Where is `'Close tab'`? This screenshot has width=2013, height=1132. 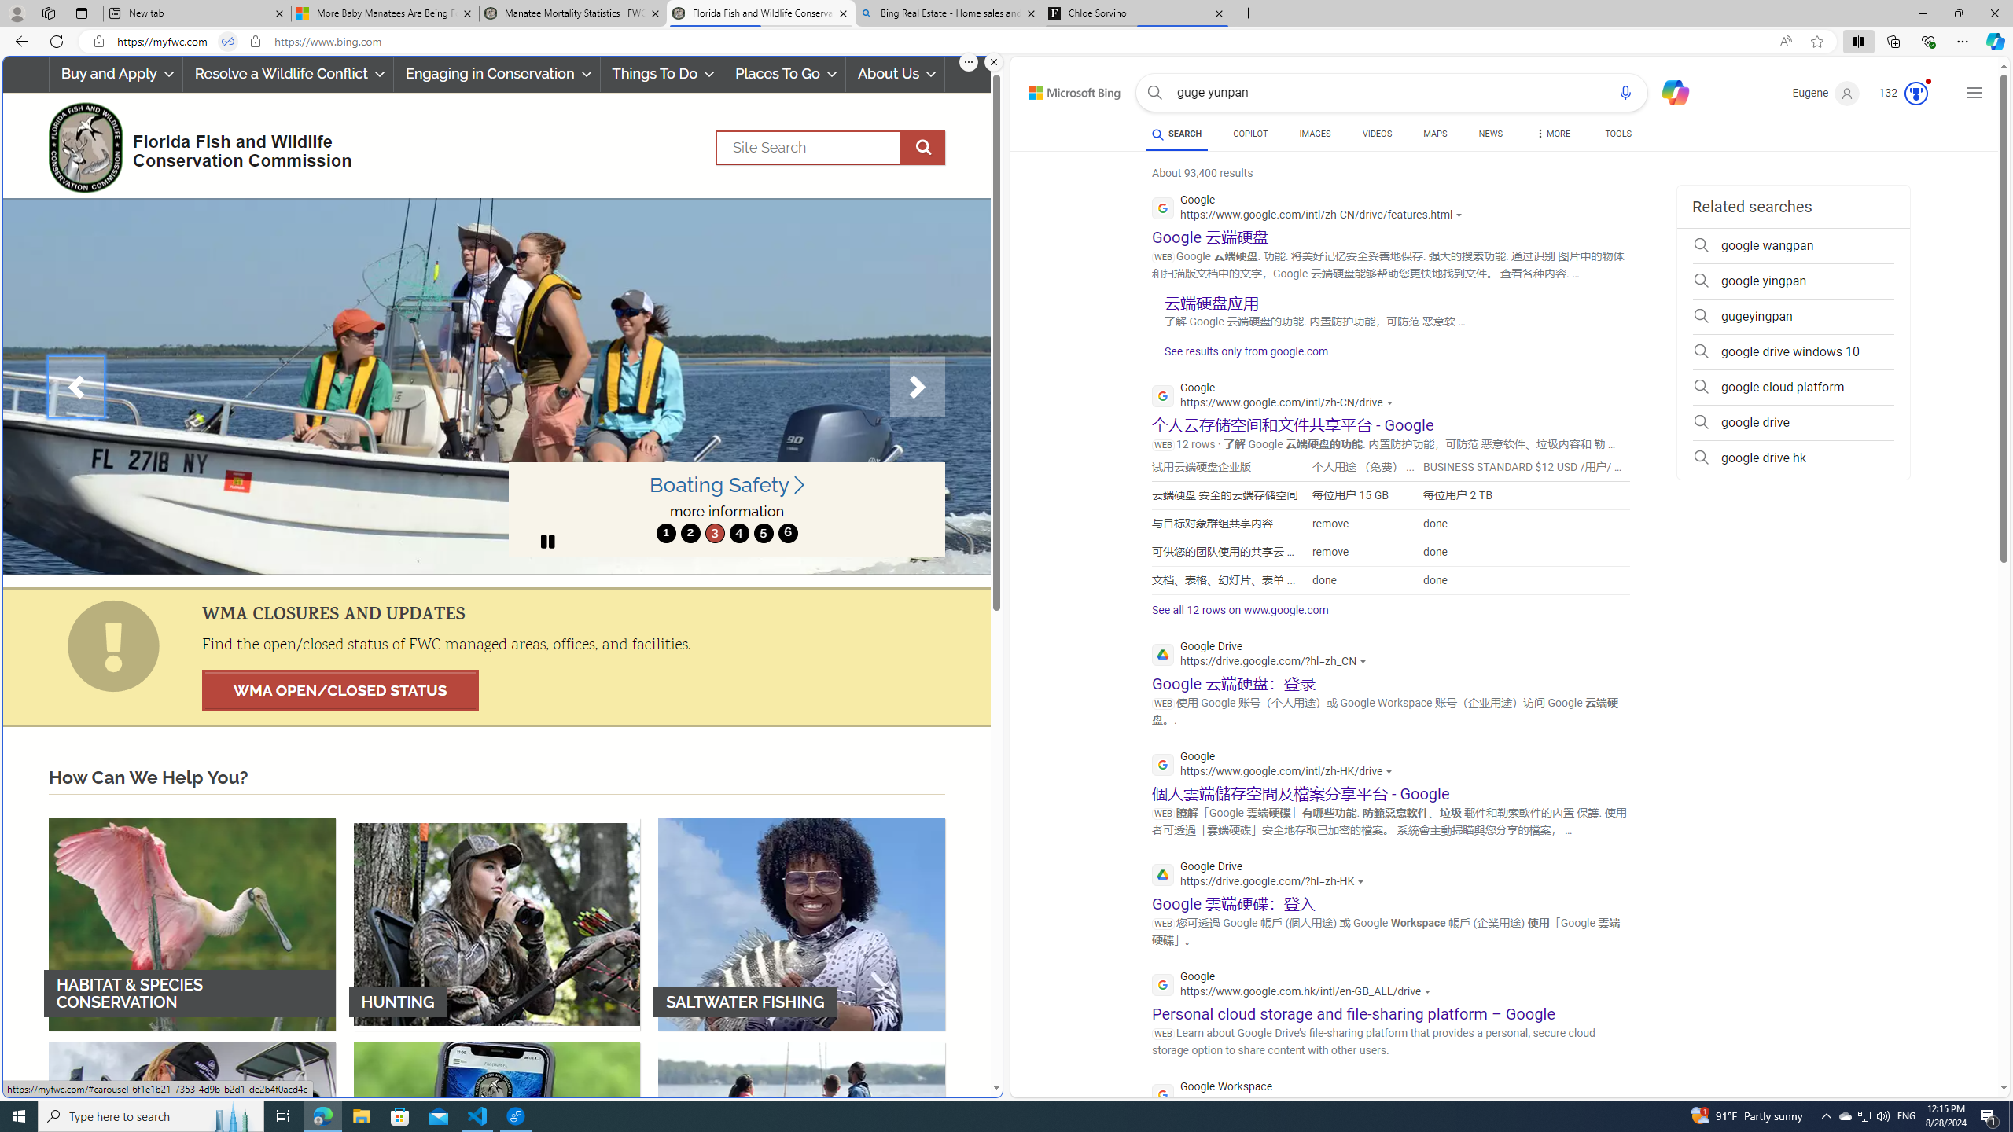
'Close tab' is located at coordinates (1218, 13).